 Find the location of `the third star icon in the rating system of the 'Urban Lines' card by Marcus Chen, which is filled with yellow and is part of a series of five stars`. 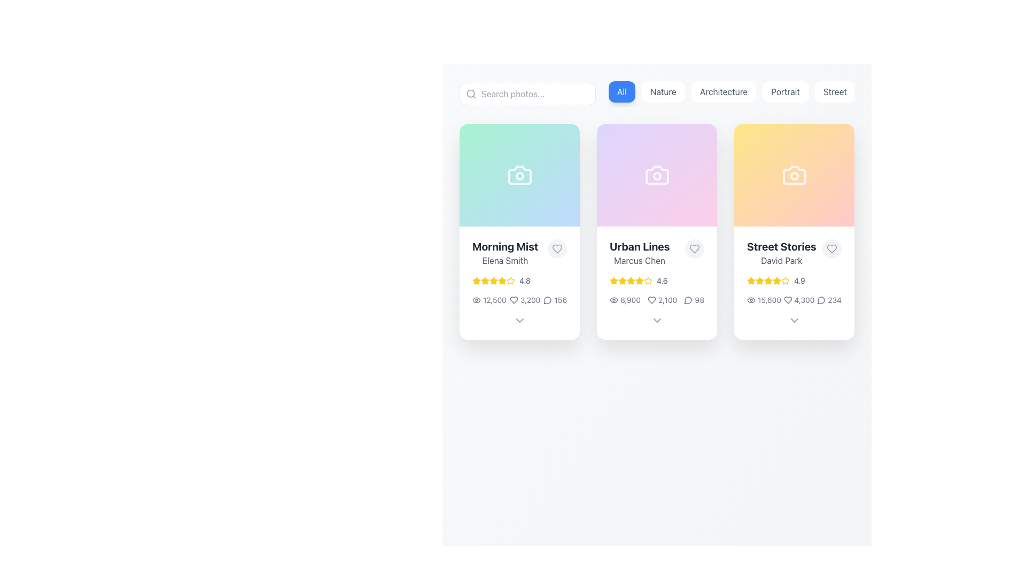

the third star icon in the rating system of the 'Urban Lines' card by Marcus Chen, which is filled with yellow and is part of a series of five stars is located at coordinates (623, 280).